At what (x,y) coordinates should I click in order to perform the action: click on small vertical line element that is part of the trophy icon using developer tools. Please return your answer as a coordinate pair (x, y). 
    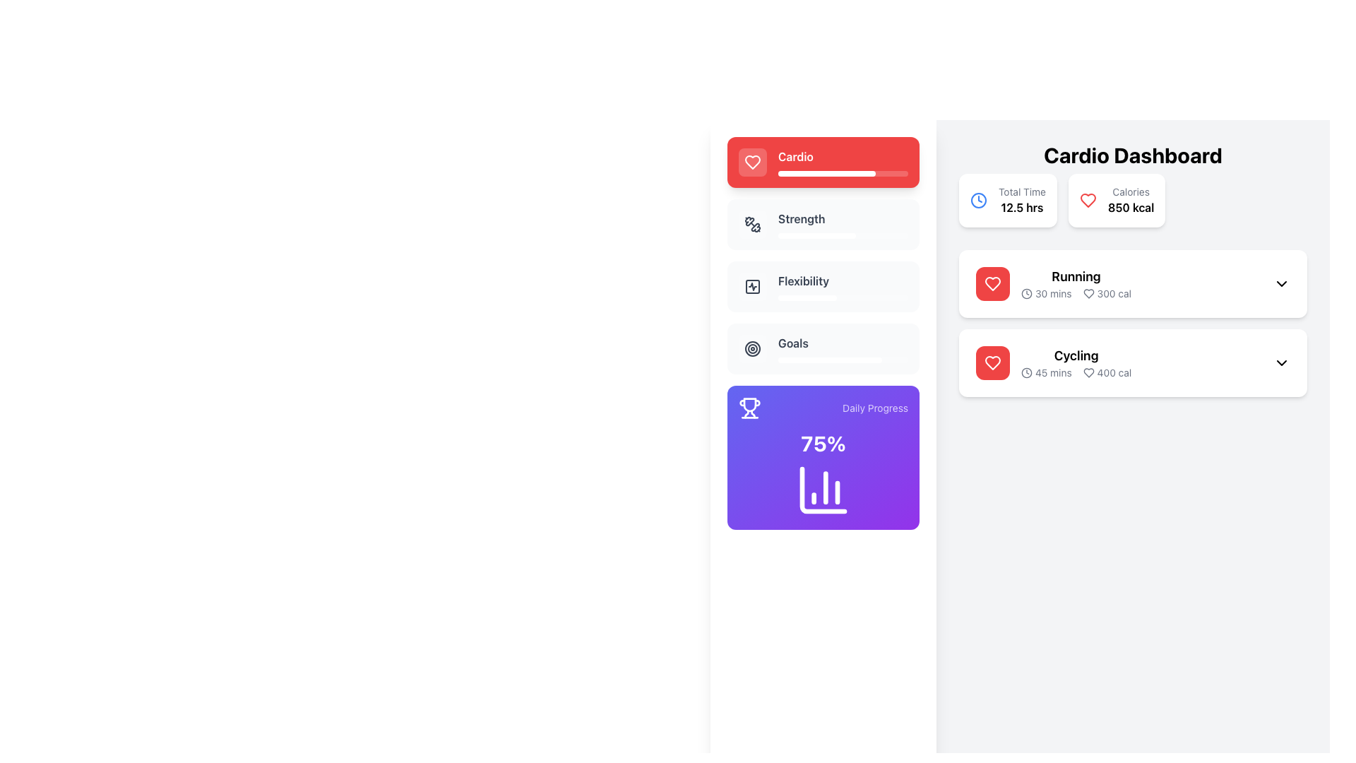
    Looking at the image, I should click on (745, 413).